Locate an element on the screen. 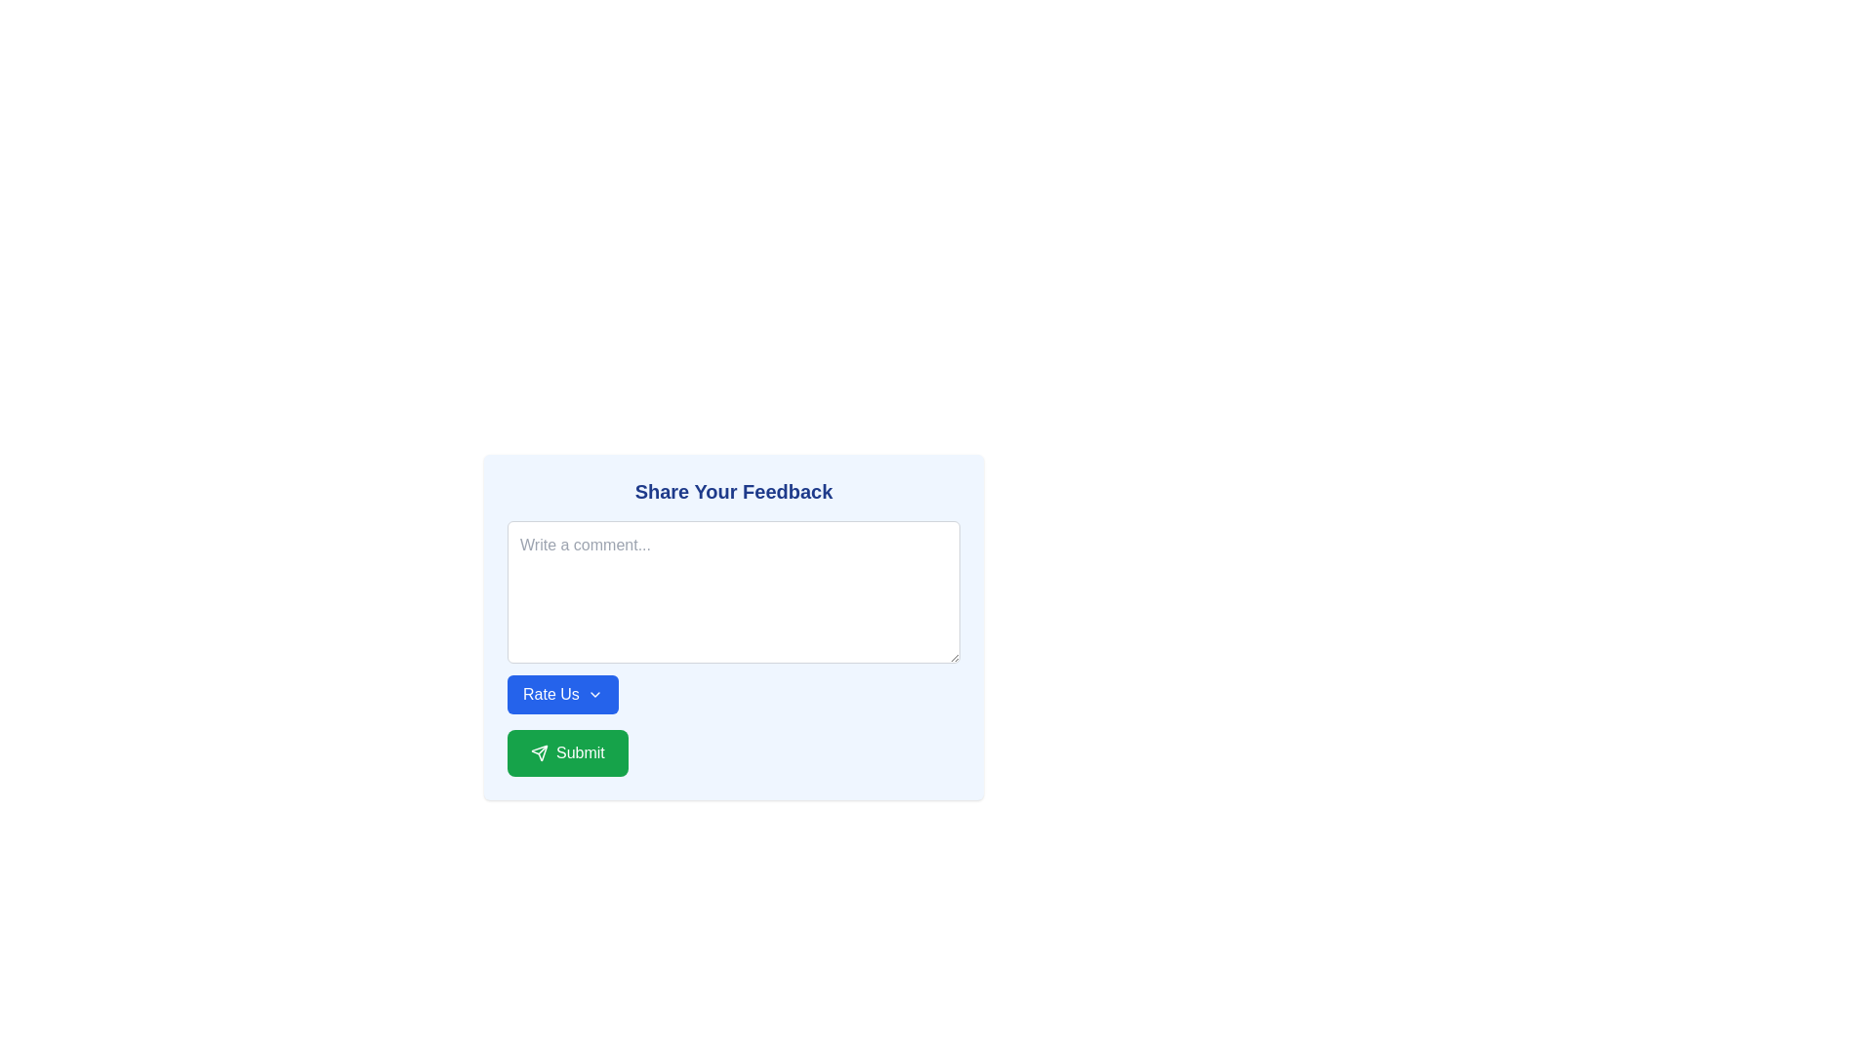  the 'Rate Us' button, which has a blue background with rounded corners and features white text and a downward-facing chevron icon, located in the 'Share Your Feedback' section is located at coordinates (561, 694).